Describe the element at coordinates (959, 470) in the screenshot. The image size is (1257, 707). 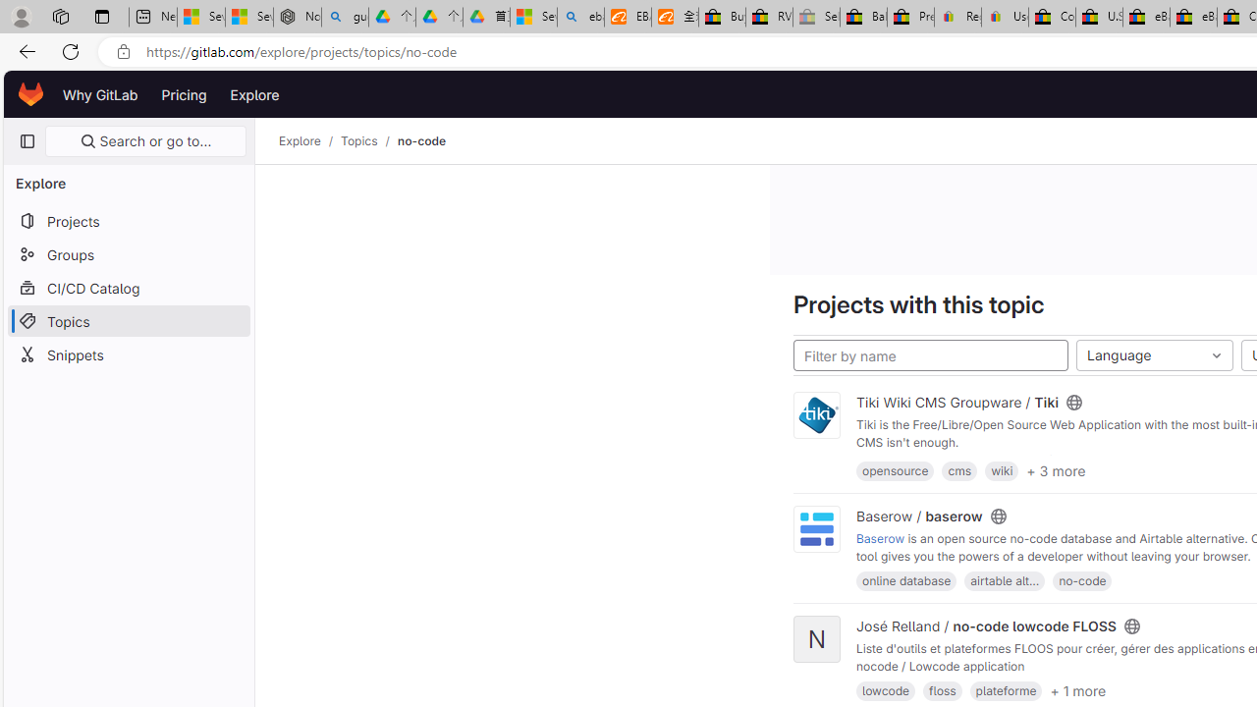
I see `'cms'` at that location.